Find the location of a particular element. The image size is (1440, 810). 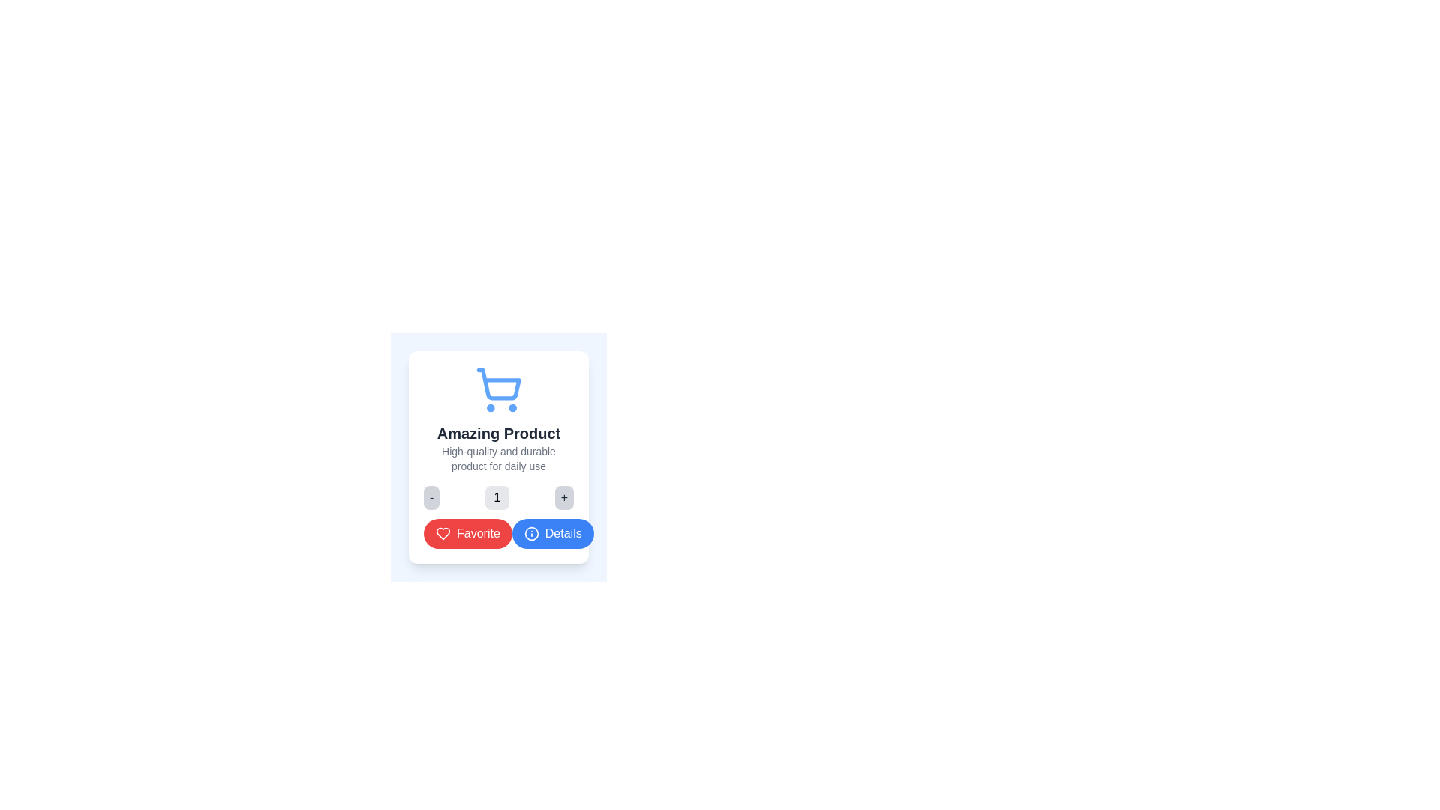

the descriptive text element providing additional information about the product's features, located below the text 'Amazing Product' is located at coordinates (499, 458).